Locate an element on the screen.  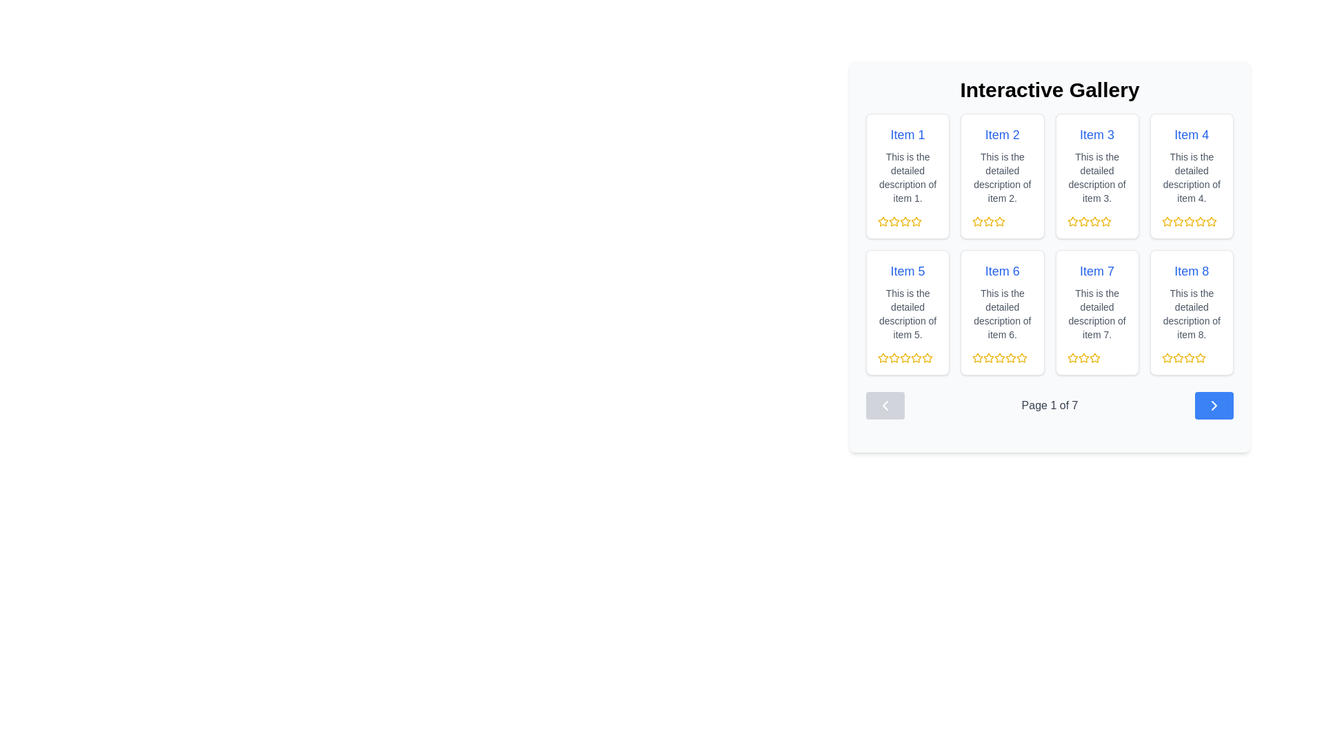
the second rating star icon for 'Item 1' in the Interactive Gallery for keyboard interaction is located at coordinates (894, 220).